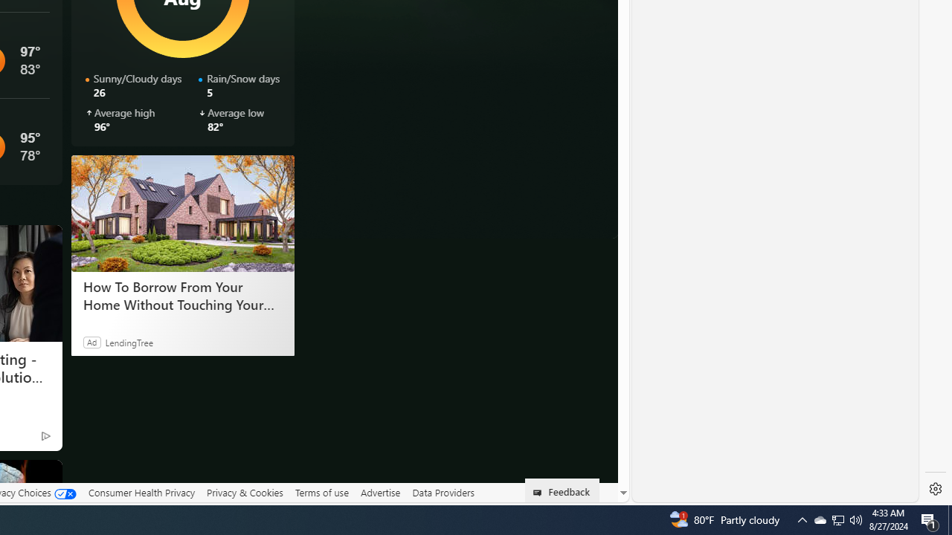  Describe the element at coordinates (540, 493) in the screenshot. I see `'Class: feedback_link_icon-DS-EntryPoint1-1'` at that location.